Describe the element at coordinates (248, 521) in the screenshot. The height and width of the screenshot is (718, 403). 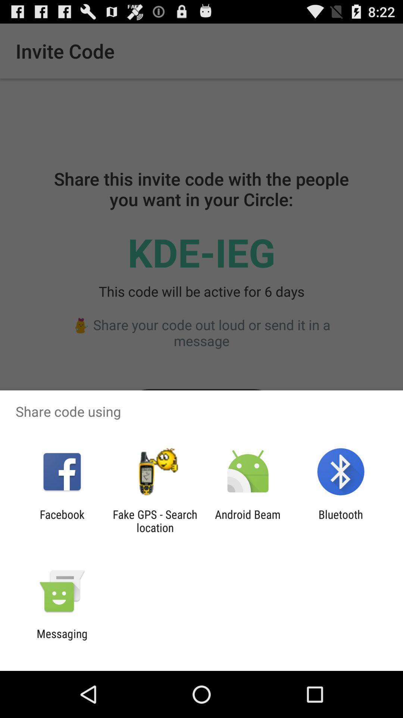
I see `the item next to the bluetooth app` at that location.